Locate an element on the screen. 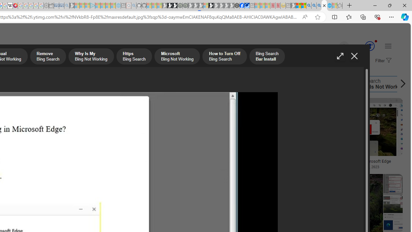  'AutomationID: serp_medal_svg' is located at coordinates (370, 45).